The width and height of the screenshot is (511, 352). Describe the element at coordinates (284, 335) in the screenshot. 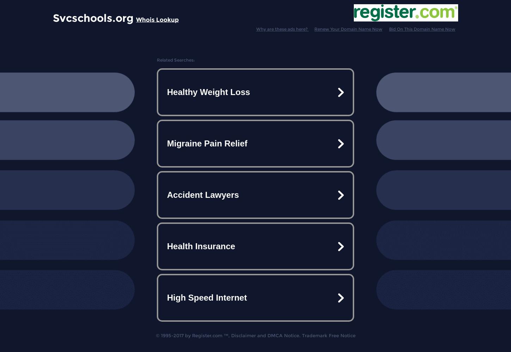

I see `'DMCA Notice.'` at that location.